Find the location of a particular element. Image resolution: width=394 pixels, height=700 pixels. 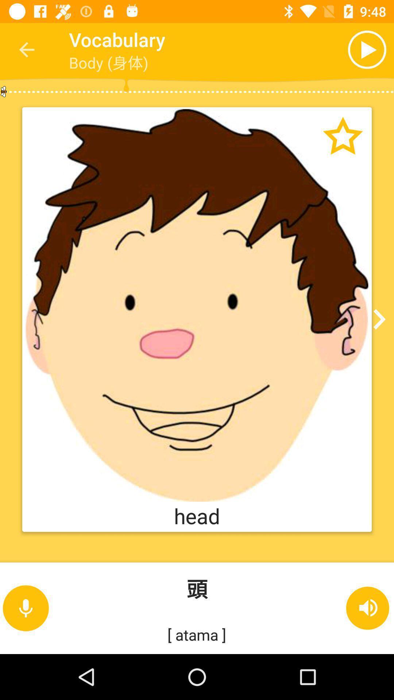

the arrow_forward icon is located at coordinates (376, 319).